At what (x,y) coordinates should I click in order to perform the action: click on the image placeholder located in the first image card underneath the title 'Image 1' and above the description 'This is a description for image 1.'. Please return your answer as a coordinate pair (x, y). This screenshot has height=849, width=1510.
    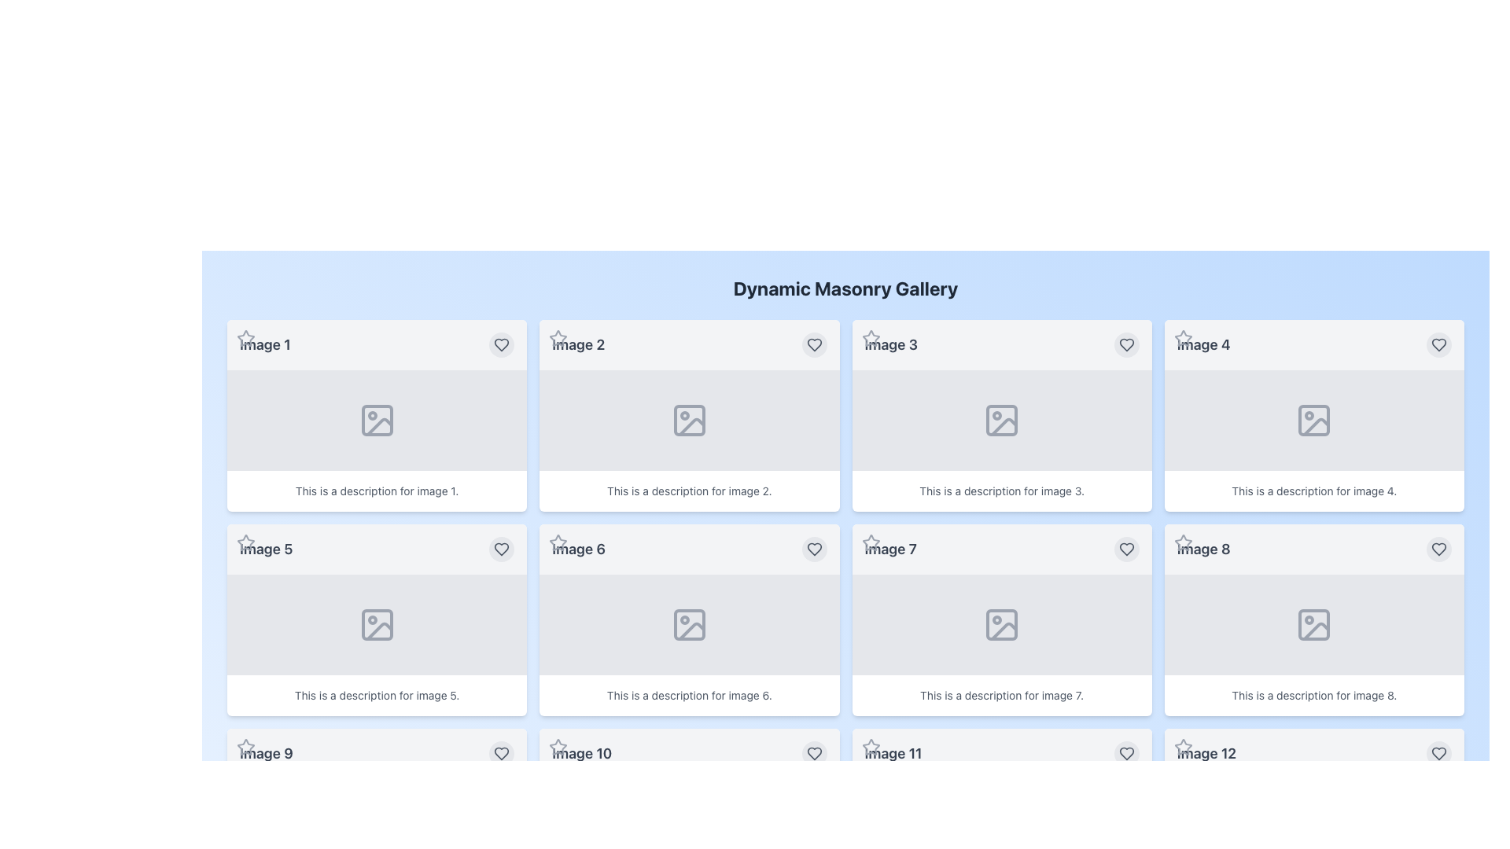
    Looking at the image, I should click on (376, 420).